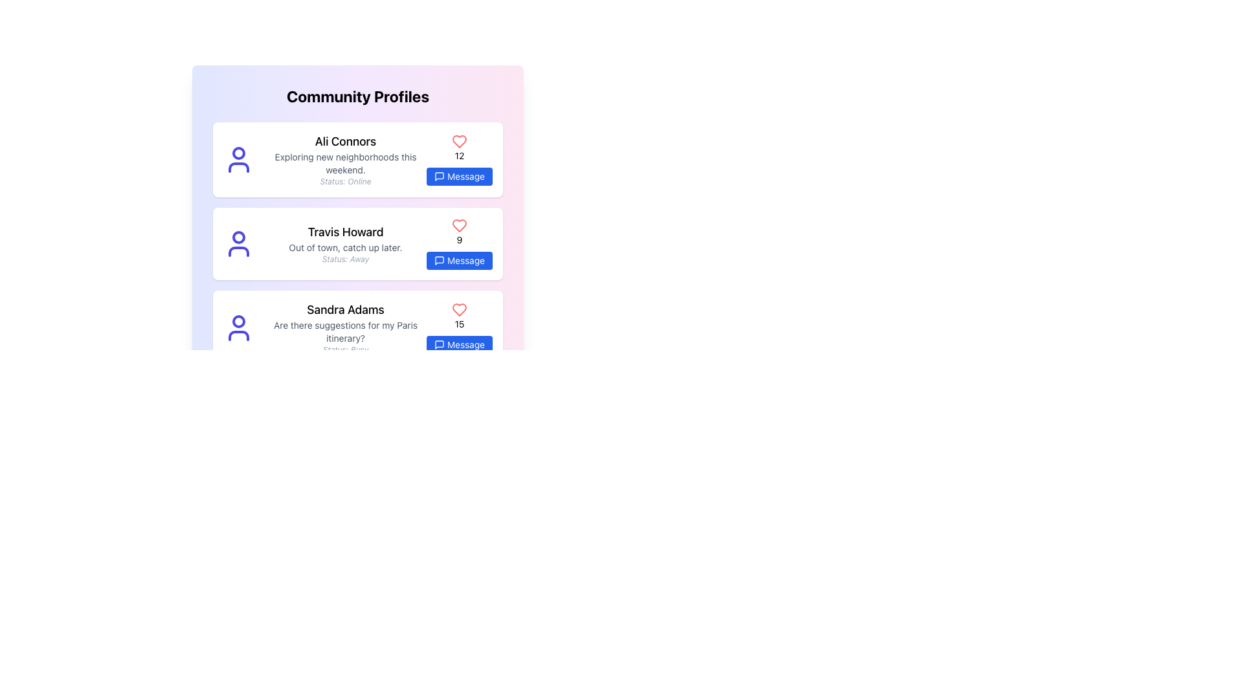 This screenshot has height=699, width=1243. Describe the element at coordinates (440, 260) in the screenshot. I see `the speech bubble icon located to the left of the 'Message' text label in the third 'Message' button of Travis Howard's profile card` at that location.